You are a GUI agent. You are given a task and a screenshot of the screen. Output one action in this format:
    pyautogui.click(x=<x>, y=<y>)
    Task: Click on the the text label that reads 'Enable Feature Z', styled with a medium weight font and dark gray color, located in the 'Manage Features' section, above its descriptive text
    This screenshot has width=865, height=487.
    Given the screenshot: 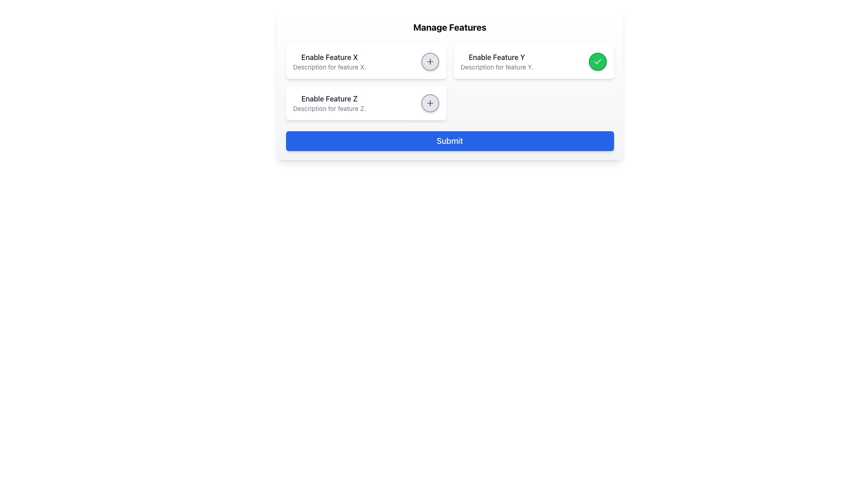 What is the action you would take?
    pyautogui.click(x=329, y=99)
    